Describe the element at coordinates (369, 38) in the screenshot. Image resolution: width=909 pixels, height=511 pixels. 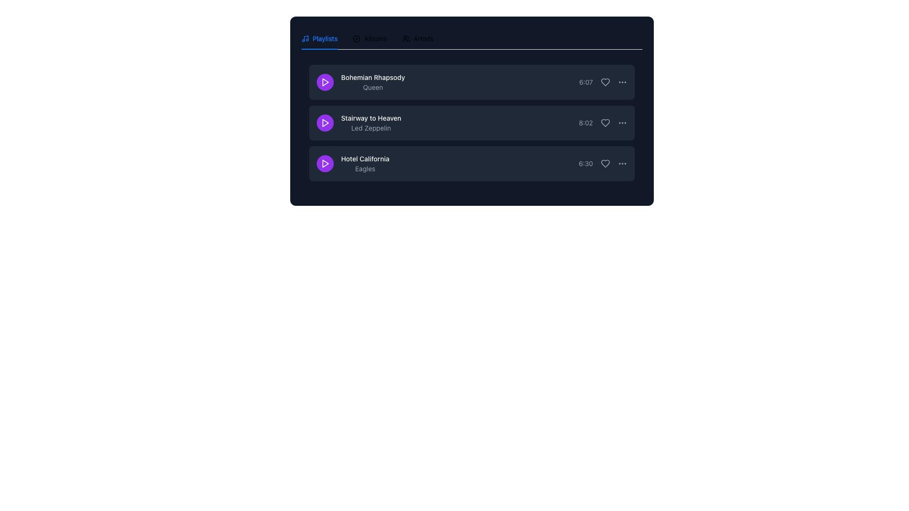
I see `the 'Albums' tab located in the horizontal navigation bar, which is the second tab between 'Playlists' and 'Artists'` at that location.